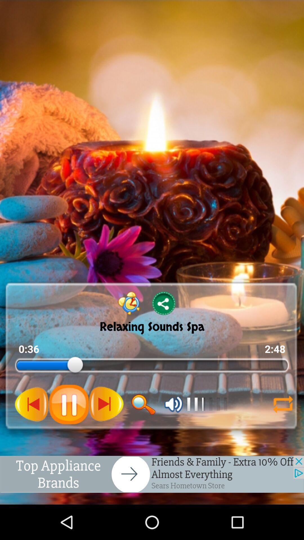 The height and width of the screenshot is (540, 304). Describe the element at coordinates (106, 404) in the screenshot. I see `forward` at that location.